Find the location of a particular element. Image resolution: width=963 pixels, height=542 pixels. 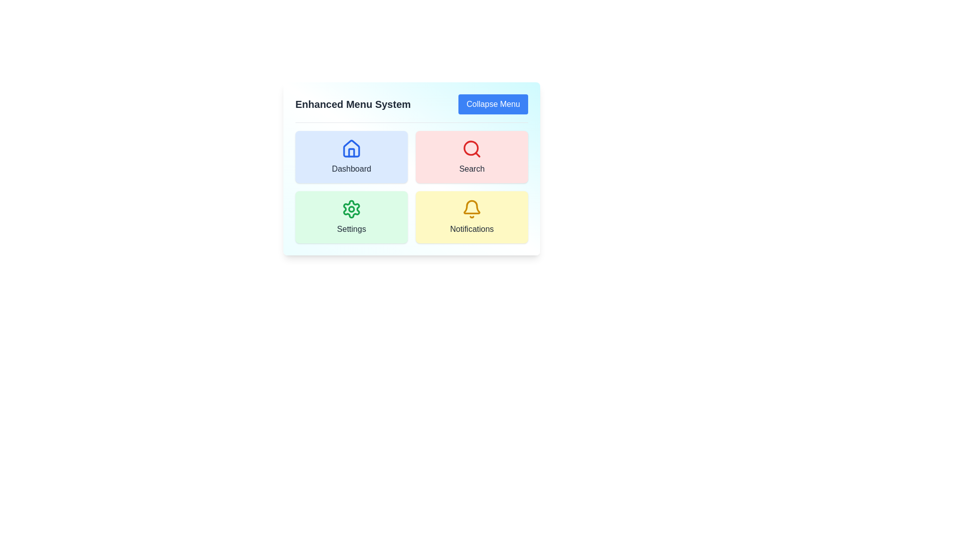

the gear icon inside the green rectangular button labeled 'Settings' located in the lower-left quadrant of the interface is located at coordinates (351, 208).